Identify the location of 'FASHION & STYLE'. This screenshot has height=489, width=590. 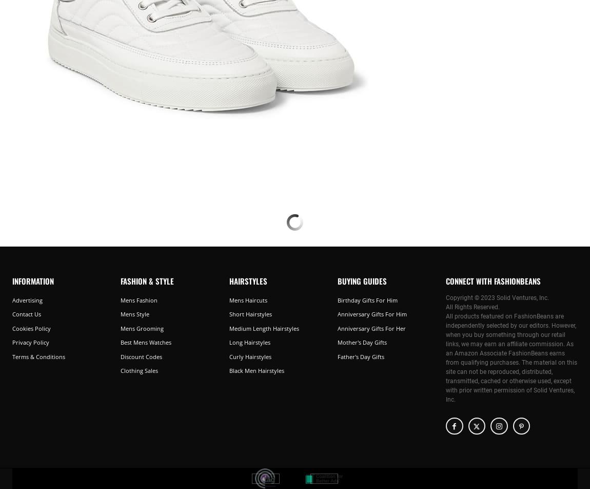
(120, 280).